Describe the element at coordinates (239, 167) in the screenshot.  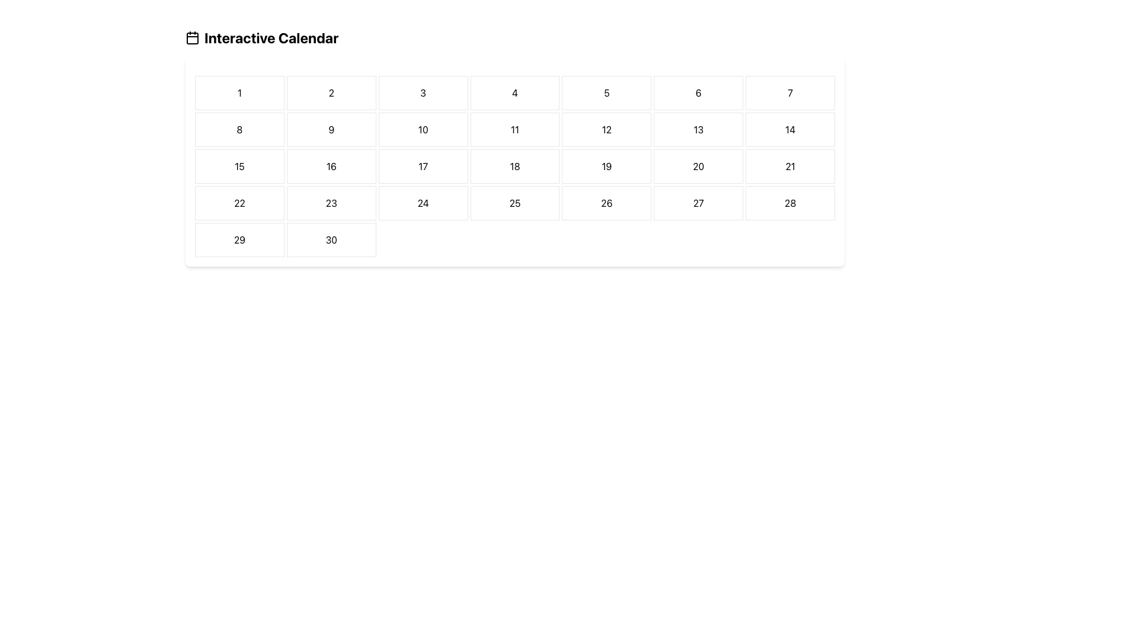
I see `the interactive calendar date box representing the 15th day` at that location.